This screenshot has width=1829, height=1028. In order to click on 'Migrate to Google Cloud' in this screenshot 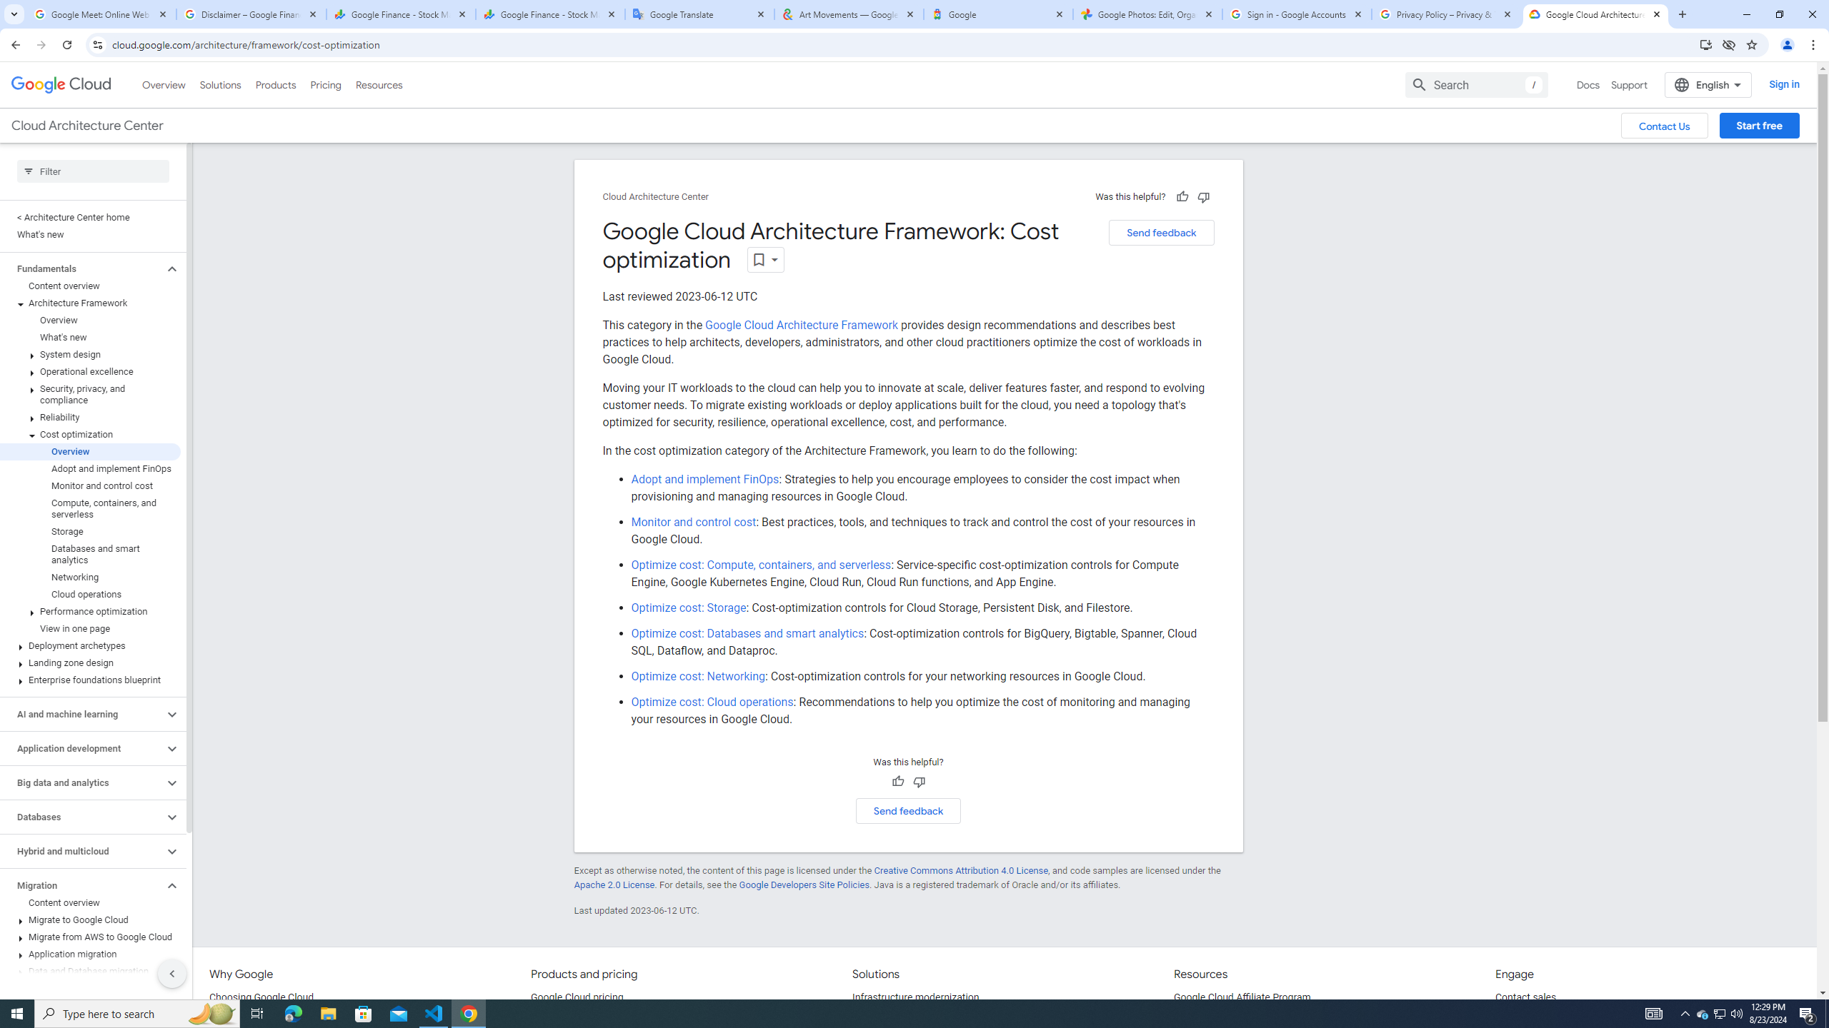, I will do `click(90, 919)`.